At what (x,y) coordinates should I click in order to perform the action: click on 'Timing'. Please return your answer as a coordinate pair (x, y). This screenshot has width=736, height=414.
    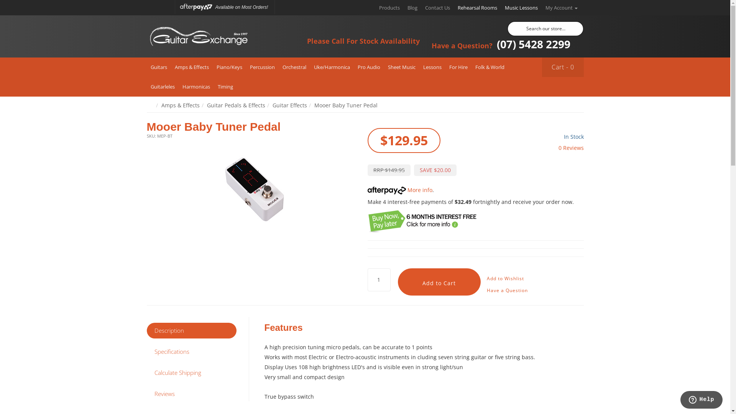
    Looking at the image, I should click on (225, 86).